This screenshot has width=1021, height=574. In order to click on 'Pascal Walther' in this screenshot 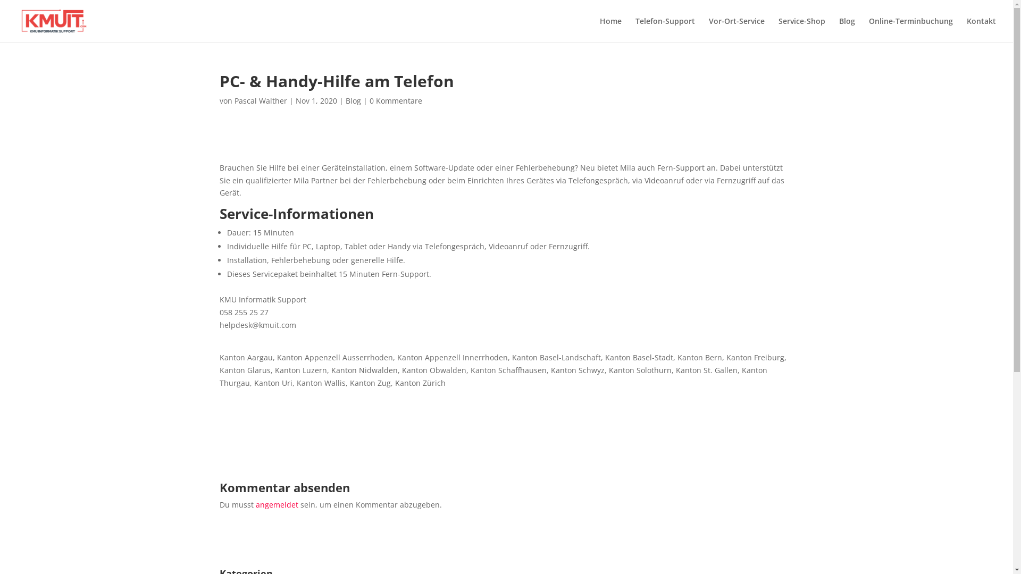, I will do `click(233, 100)`.